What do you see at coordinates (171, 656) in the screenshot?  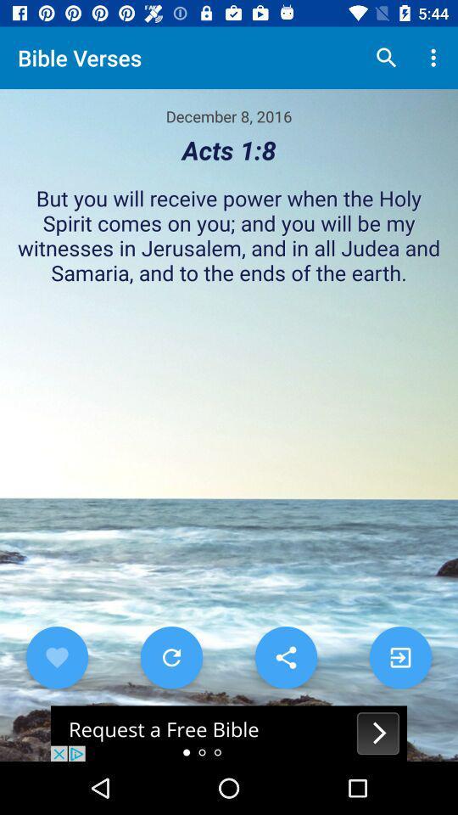 I see `the refresh icon` at bounding box center [171, 656].